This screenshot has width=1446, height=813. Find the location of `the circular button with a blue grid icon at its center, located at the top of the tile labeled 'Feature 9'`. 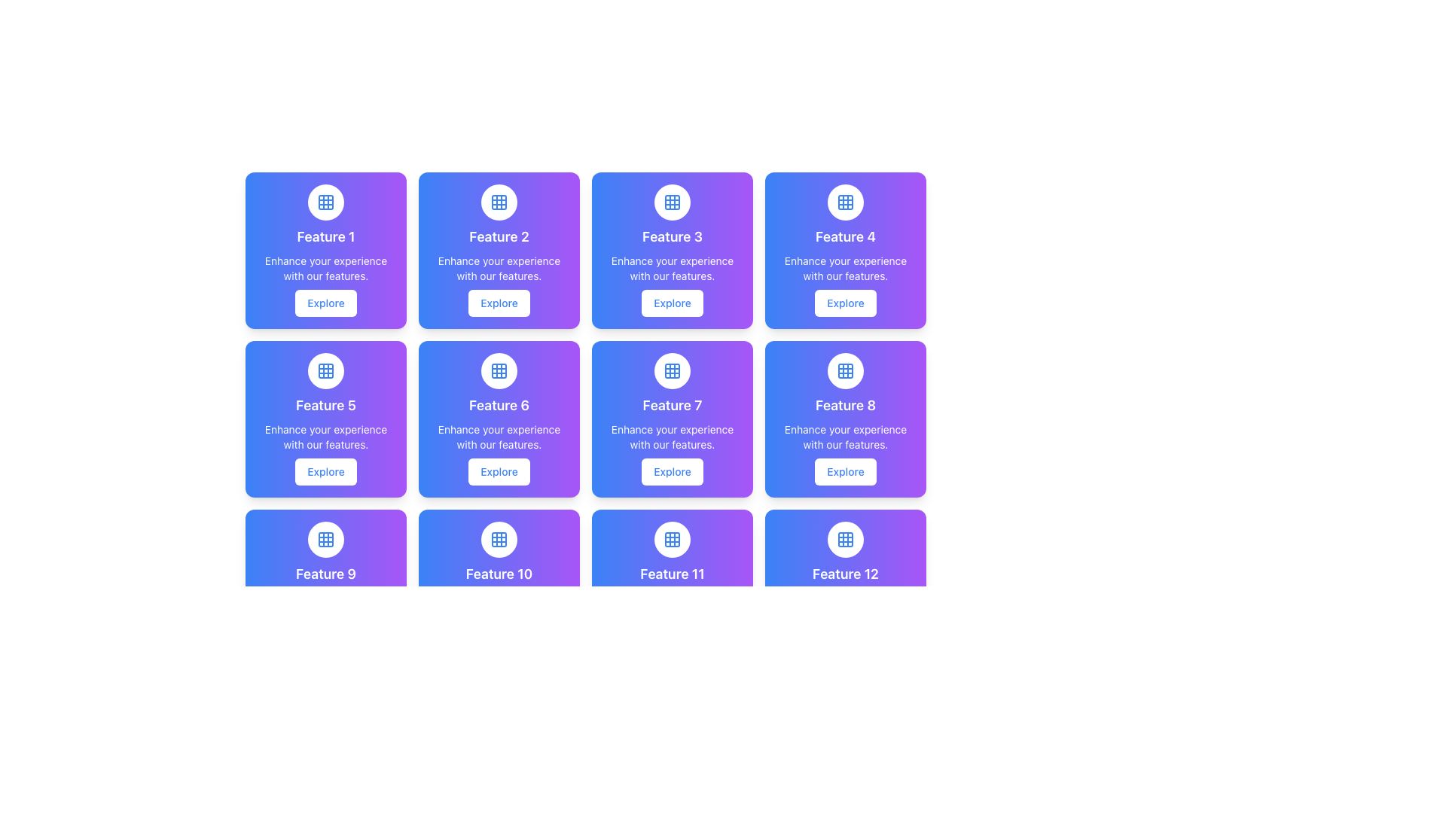

the circular button with a blue grid icon at its center, located at the top of the tile labeled 'Feature 9' is located at coordinates (325, 539).